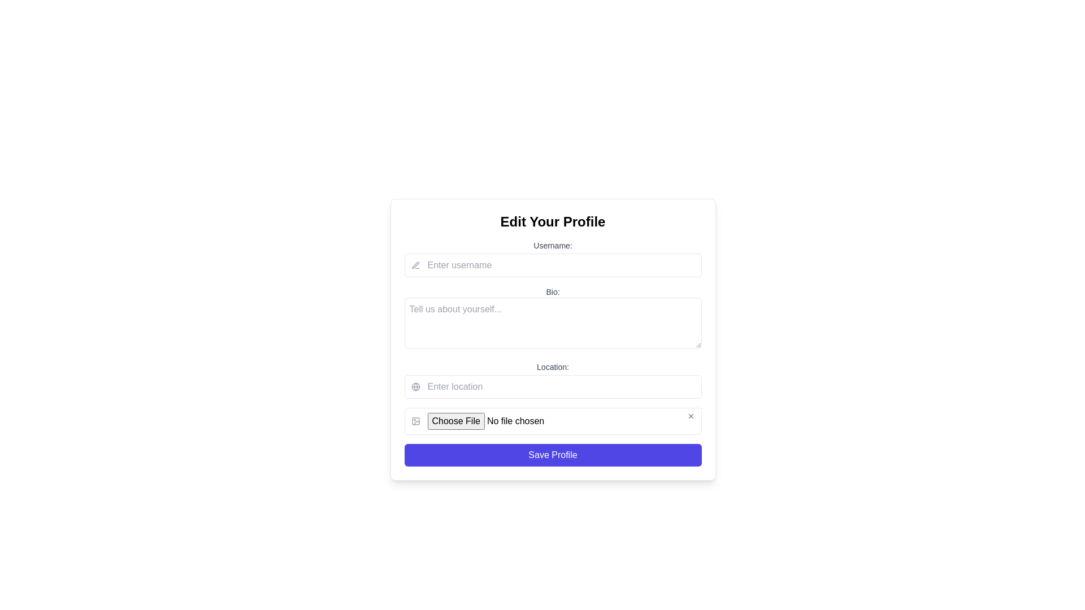  What do you see at coordinates (553, 386) in the screenshot?
I see `the Text Input Field for location entry, located below the 'Location:' label in the 'Edit Your Profile' form` at bounding box center [553, 386].